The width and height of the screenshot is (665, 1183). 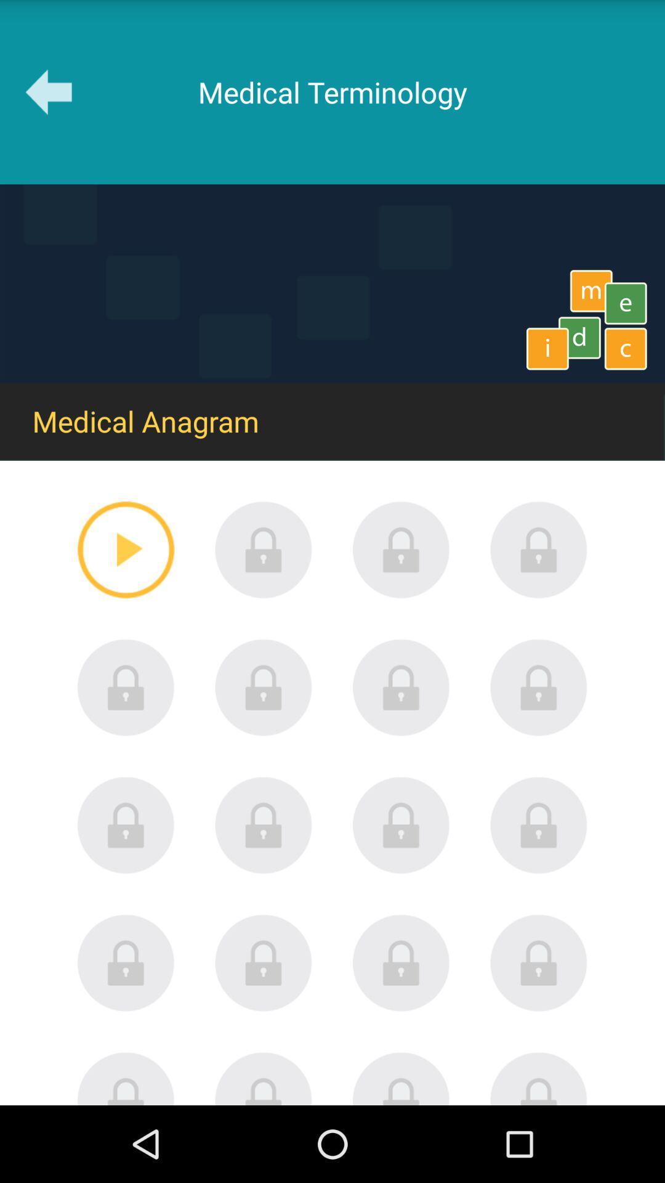 What do you see at coordinates (126, 962) in the screenshot?
I see `open file` at bounding box center [126, 962].